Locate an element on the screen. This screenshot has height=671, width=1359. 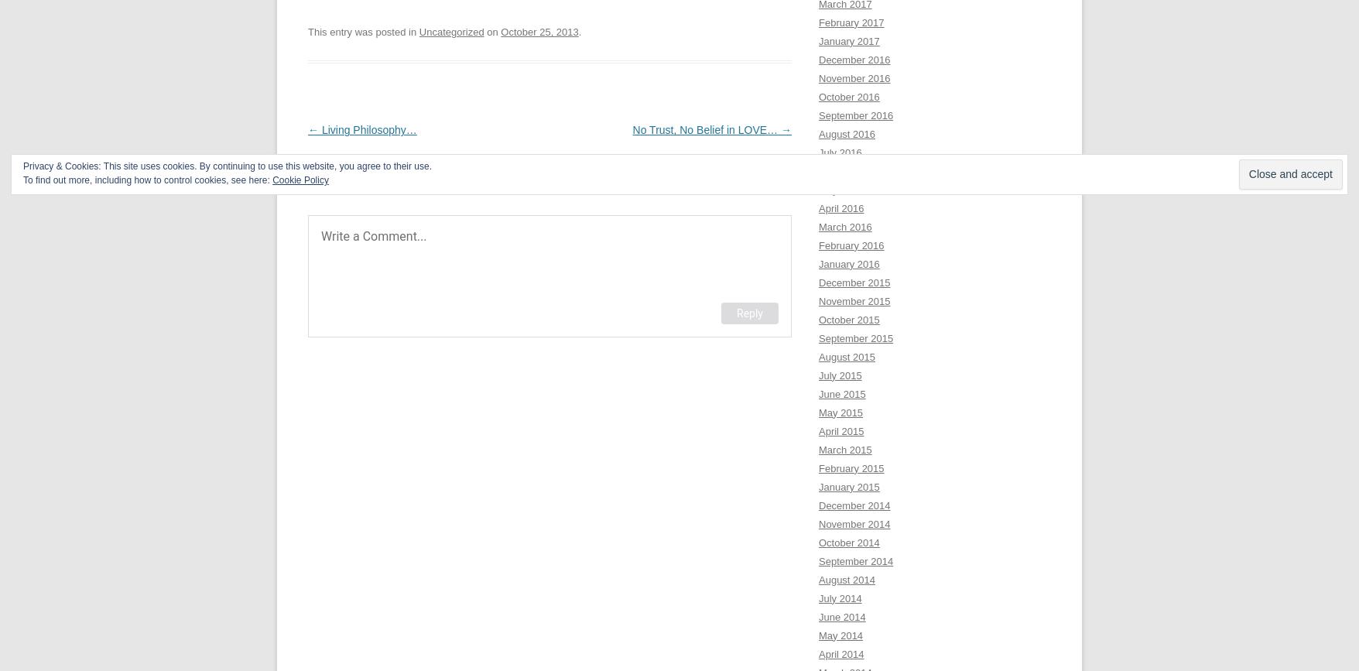
'April 2014' is located at coordinates (840, 652).